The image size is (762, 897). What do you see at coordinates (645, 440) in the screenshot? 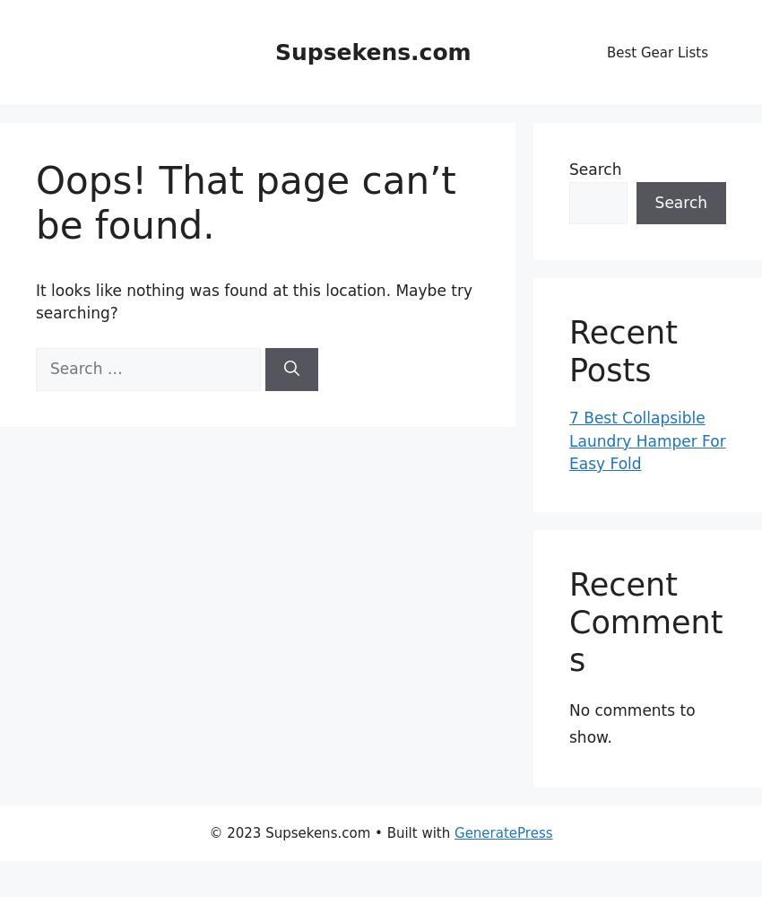
I see `'7 Best Collapsible Laundry Hamper For Easy Fold'` at bounding box center [645, 440].